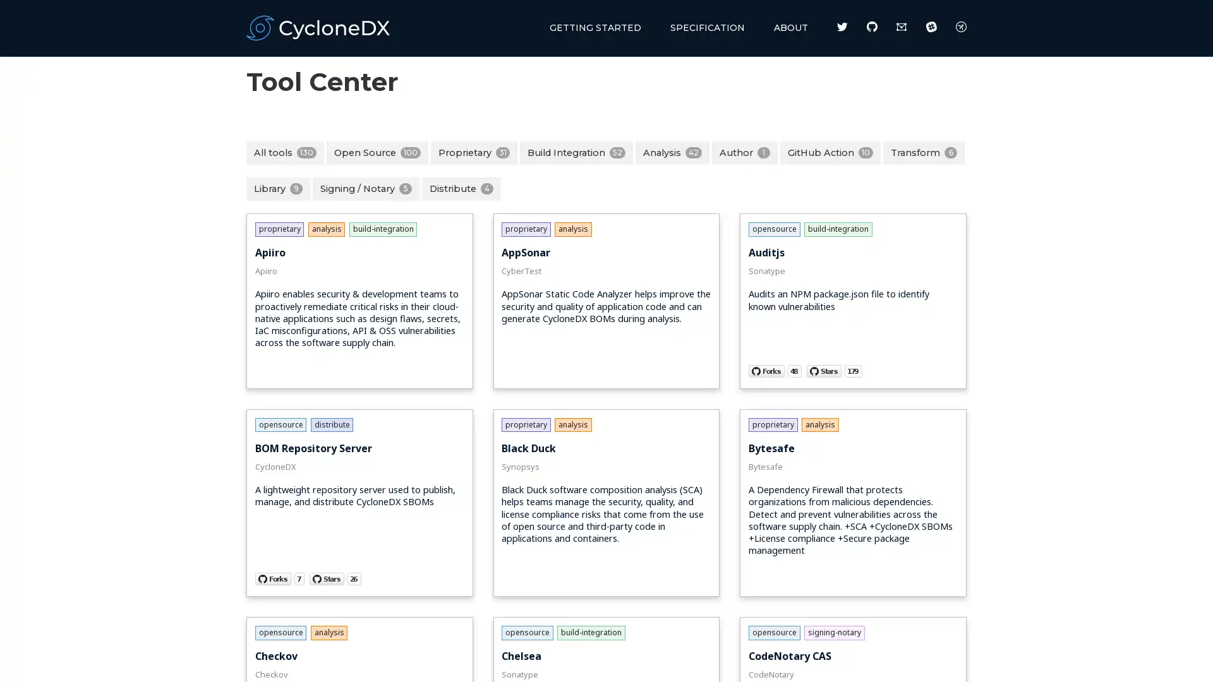  I want to click on Proprietary 31, so click(473, 152).